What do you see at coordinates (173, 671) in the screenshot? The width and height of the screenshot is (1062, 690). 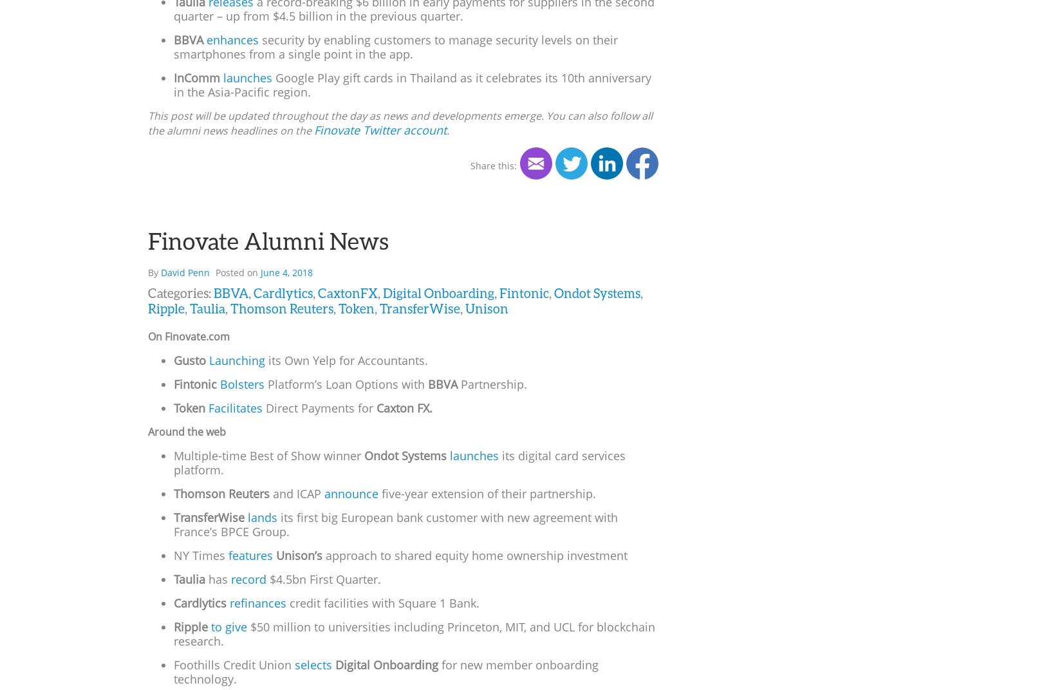 I see `'for new member onboarding technology.'` at bounding box center [173, 671].